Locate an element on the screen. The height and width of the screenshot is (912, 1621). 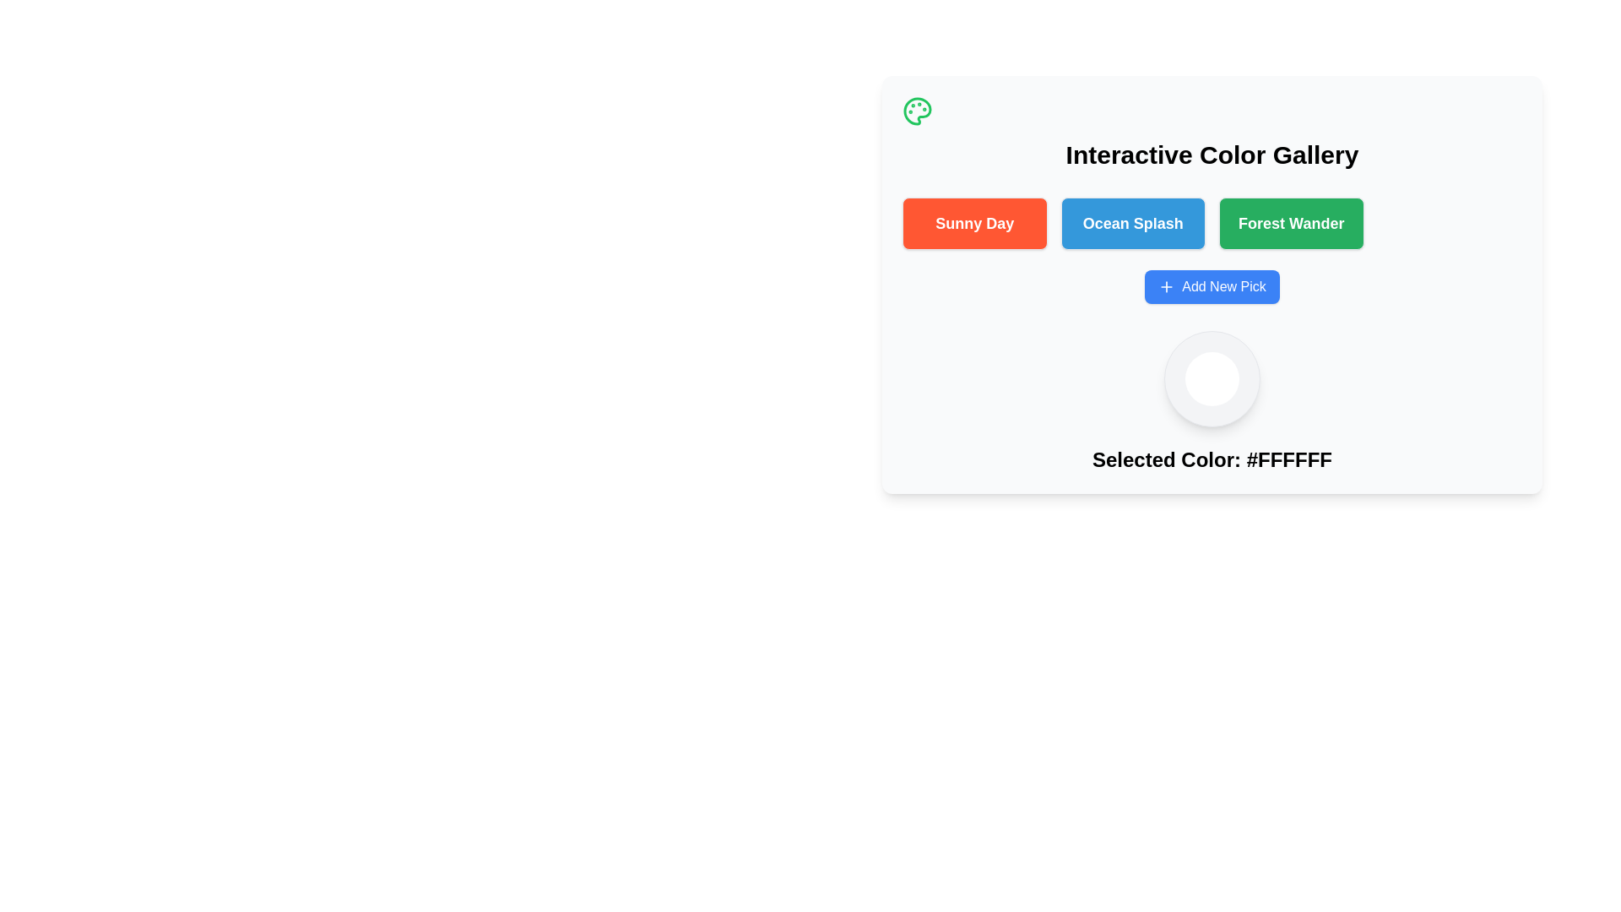
the interactive grid element containing the boxes labeled 'Sunny Day', 'Ocean Splash', and 'Forest Wander' is located at coordinates (1211, 223).